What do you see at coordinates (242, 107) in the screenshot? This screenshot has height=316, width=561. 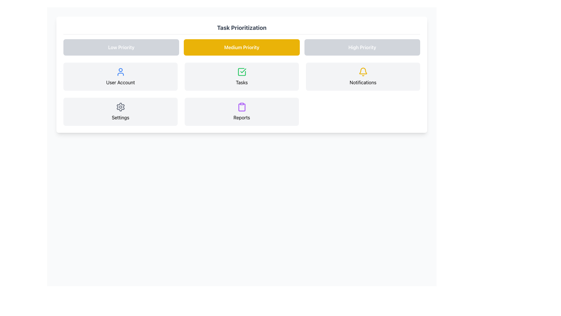 I see `the purple clipboard icon located in the 'Reports' section of the interface, which is styled with rounded edges and a distinct outline` at bounding box center [242, 107].